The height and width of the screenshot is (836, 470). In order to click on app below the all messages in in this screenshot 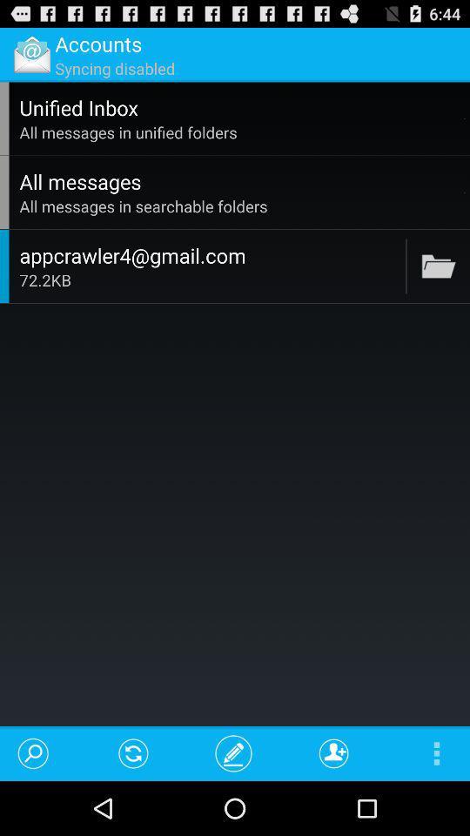, I will do `click(465, 192)`.